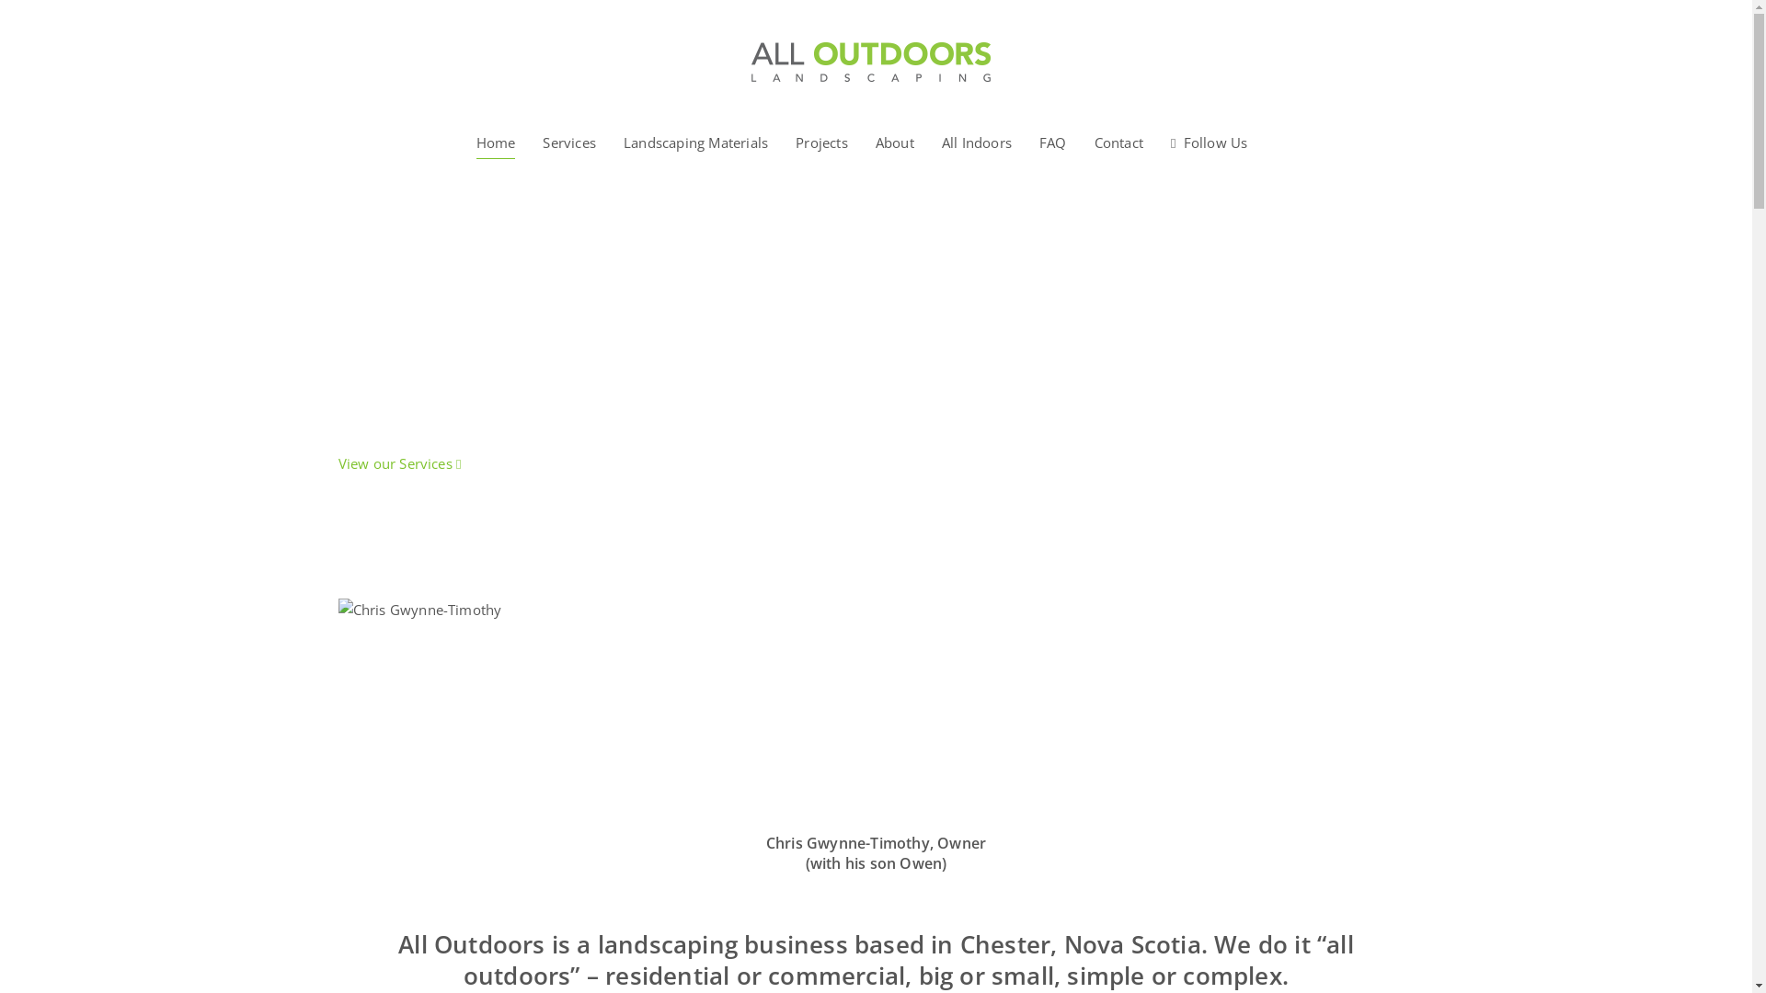 The image size is (1766, 993). I want to click on 'Follow Us', so click(1210, 141).